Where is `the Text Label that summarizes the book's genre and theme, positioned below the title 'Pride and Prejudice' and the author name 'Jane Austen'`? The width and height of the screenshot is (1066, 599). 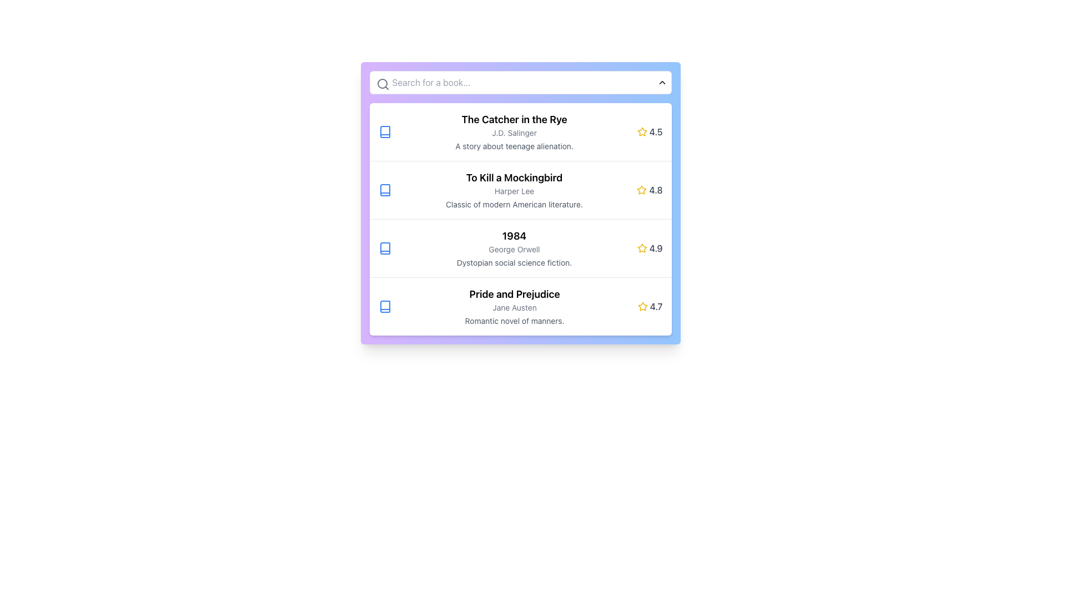 the Text Label that summarizes the book's genre and theme, positioned below the title 'Pride and Prejudice' and the author name 'Jane Austen' is located at coordinates (514, 321).